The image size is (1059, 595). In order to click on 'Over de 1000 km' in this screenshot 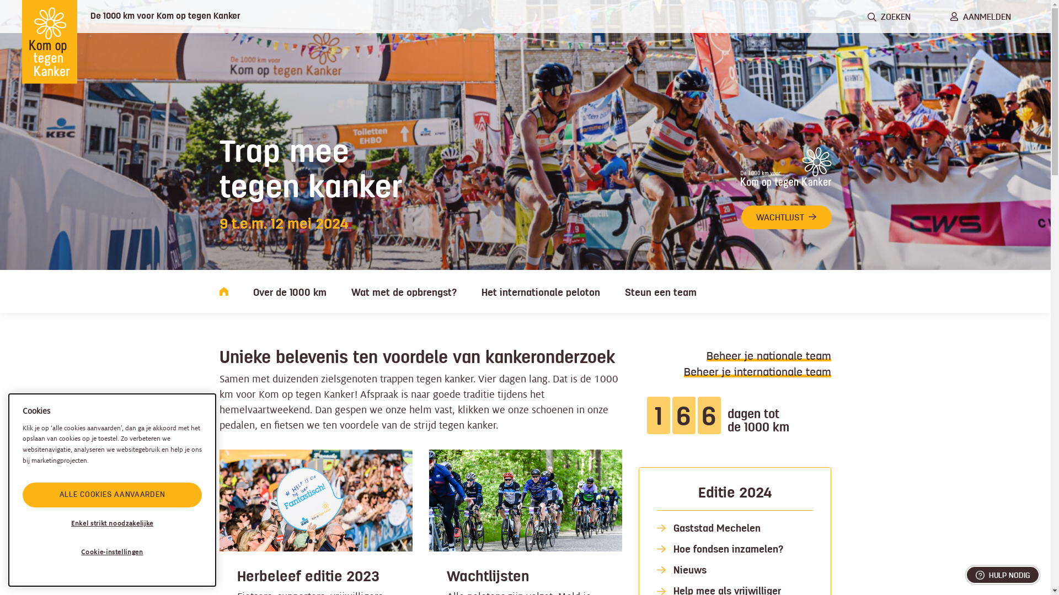, I will do `click(252, 290)`.